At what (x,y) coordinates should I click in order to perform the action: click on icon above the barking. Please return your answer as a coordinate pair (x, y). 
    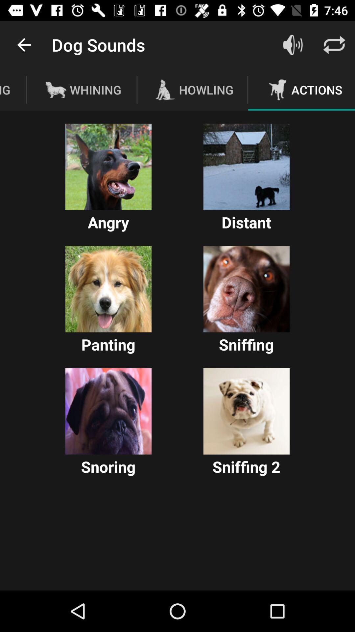
    Looking at the image, I should click on (24, 44).